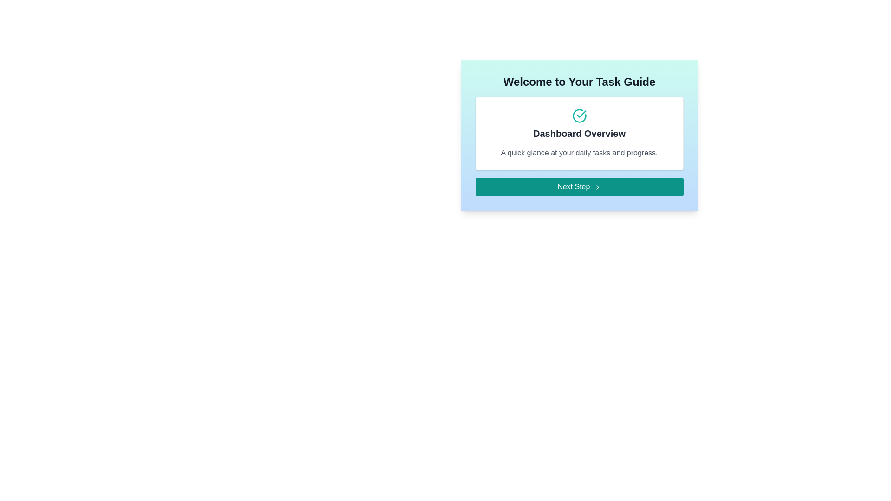 This screenshot has width=891, height=501. What do you see at coordinates (581, 114) in the screenshot?
I see `the checkmark icon within the circular graphical symbol located under the 'Dashboard Overview' card to signify completion or approval` at bounding box center [581, 114].